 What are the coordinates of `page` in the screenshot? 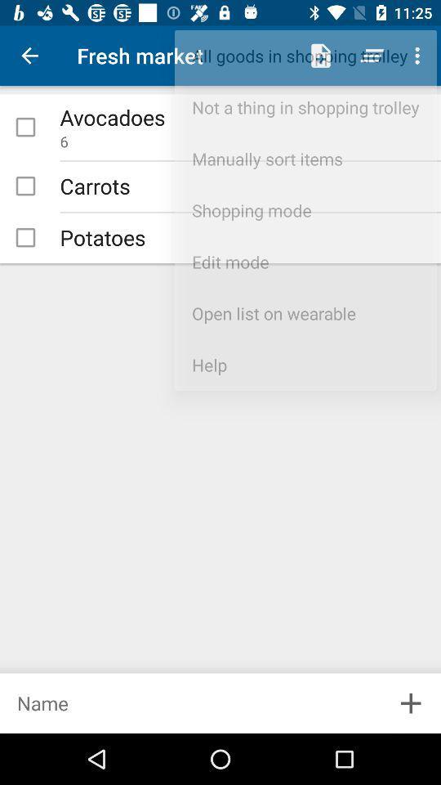 It's located at (189, 702).